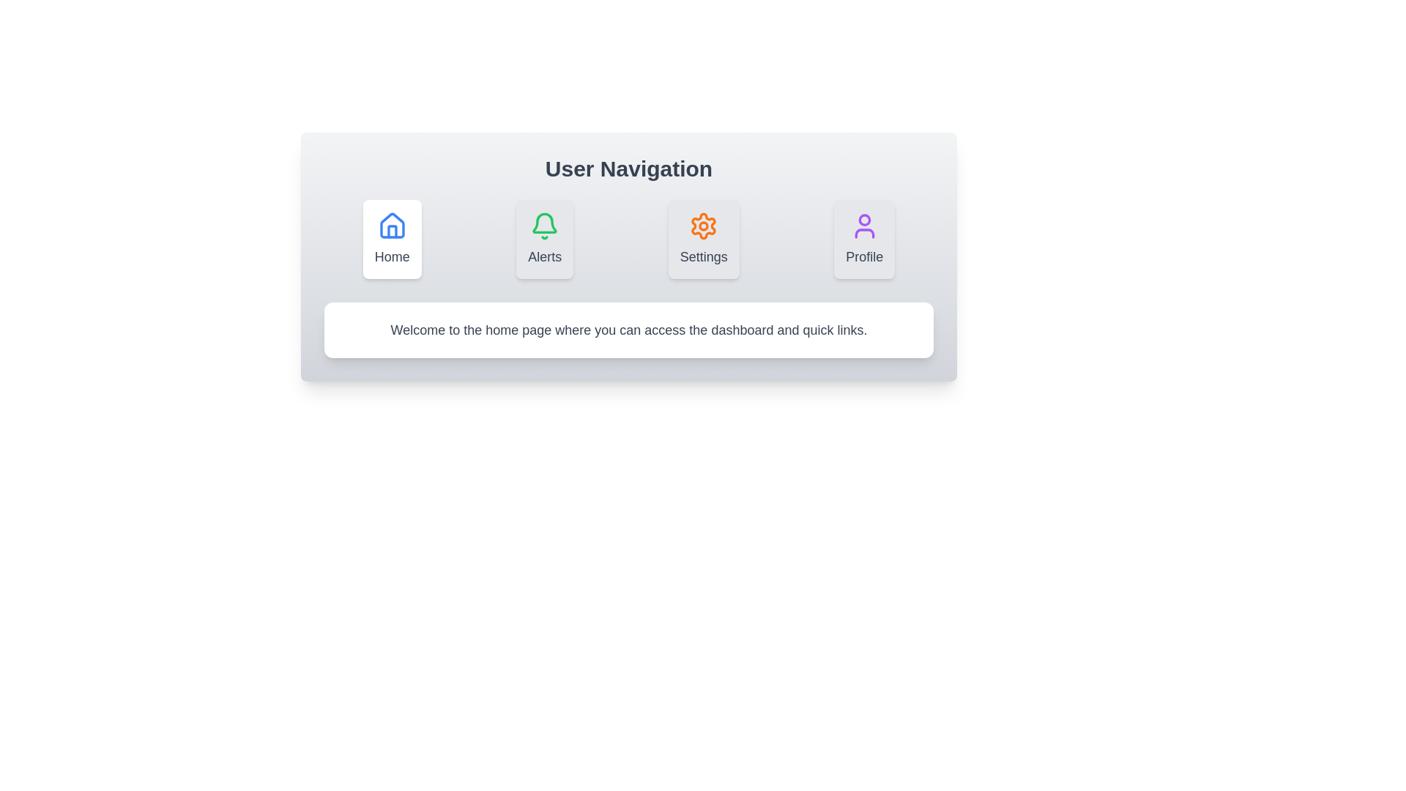 This screenshot has height=791, width=1406. Describe the element at coordinates (864, 239) in the screenshot. I see `the tab icon labeled Profile to observe the visual feedback` at that location.